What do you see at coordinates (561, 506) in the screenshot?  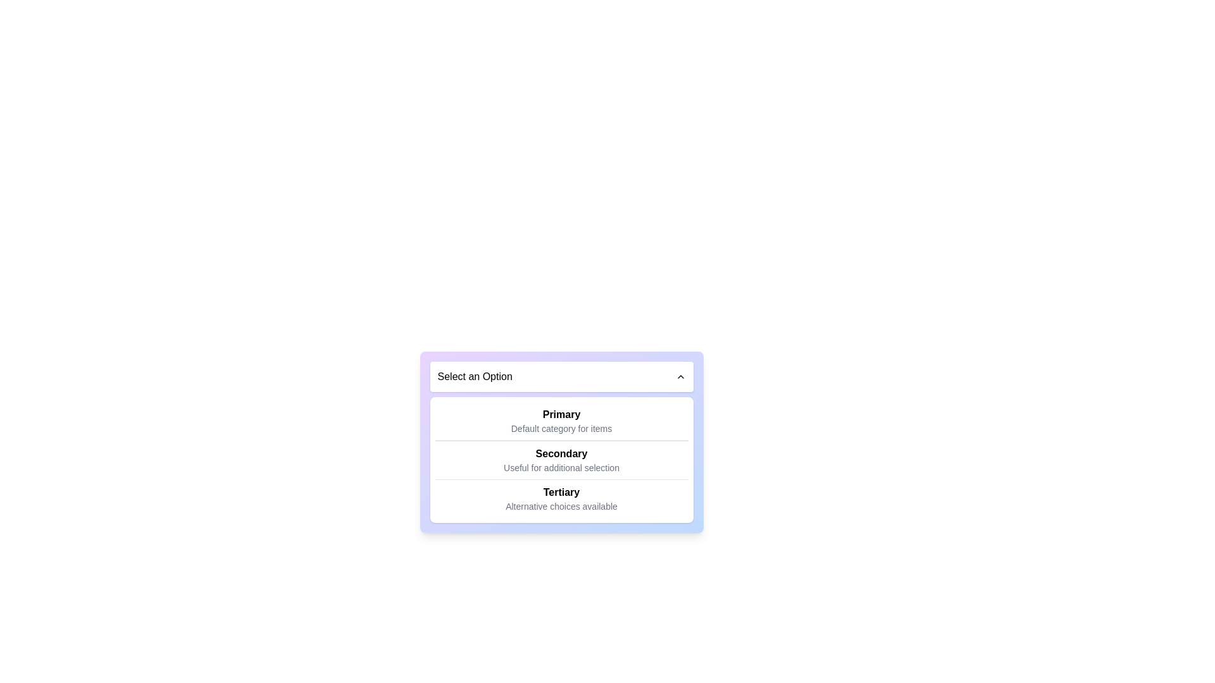 I see `the static text label displaying 'Alternative choices available', which is positioned below the bold title 'Tertiary' in the menu` at bounding box center [561, 506].